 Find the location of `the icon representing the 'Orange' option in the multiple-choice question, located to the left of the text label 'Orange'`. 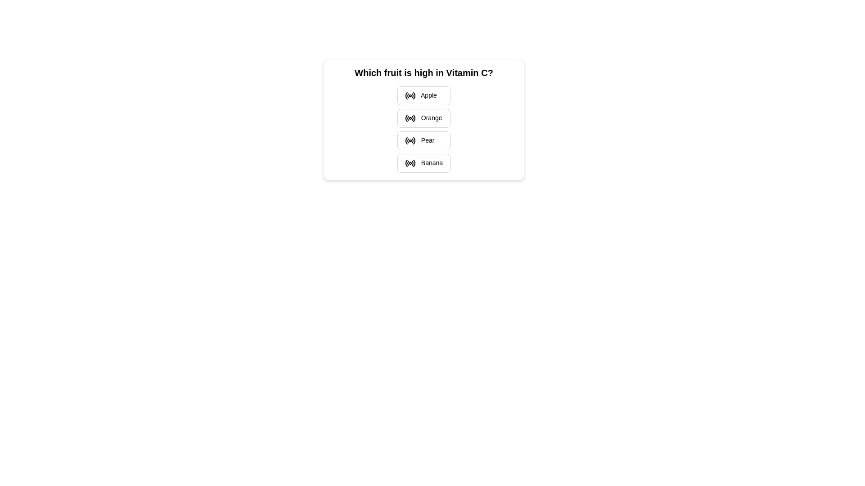

the icon representing the 'Orange' option in the multiple-choice question, located to the left of the text label 'Orange' is located at coordinates (410, 117).